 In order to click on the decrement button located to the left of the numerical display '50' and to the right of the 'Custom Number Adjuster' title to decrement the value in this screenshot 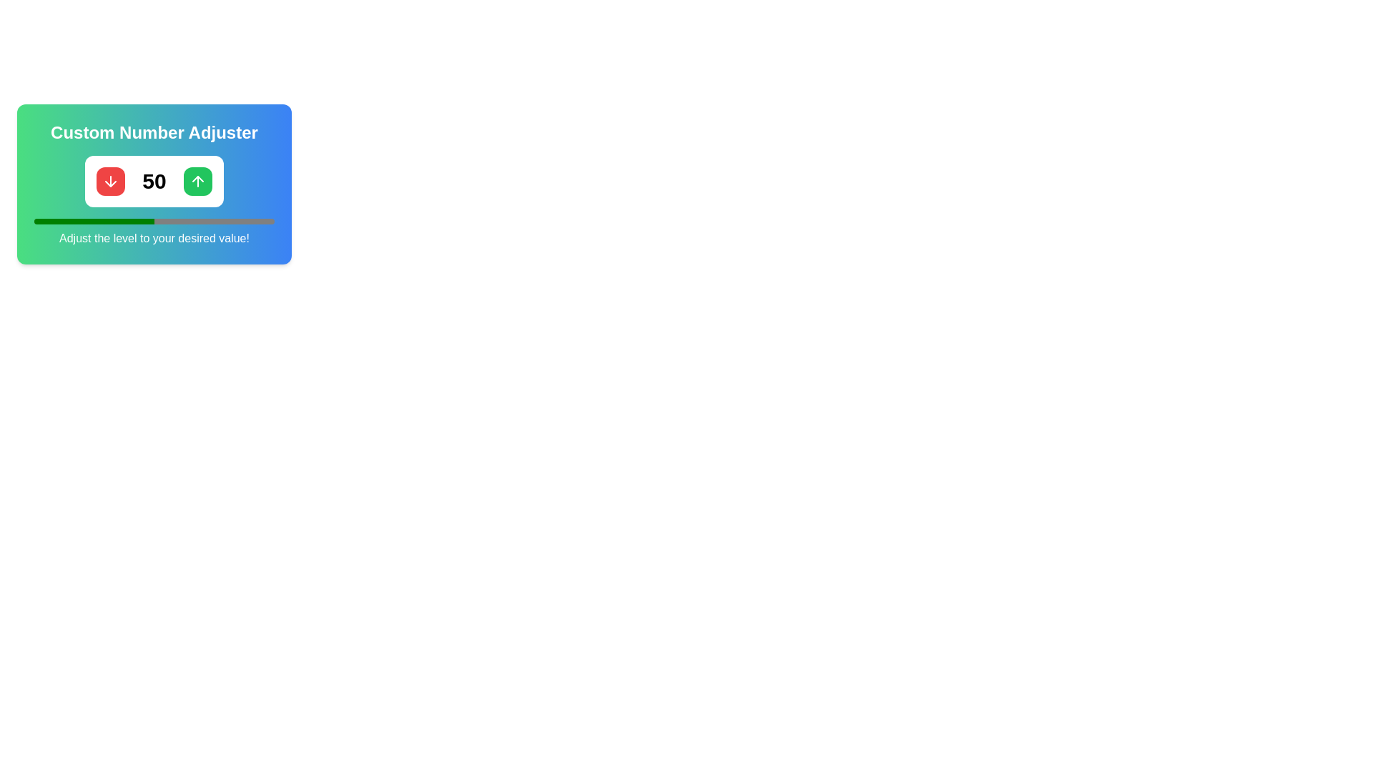, I will do `click(110, 181)`.